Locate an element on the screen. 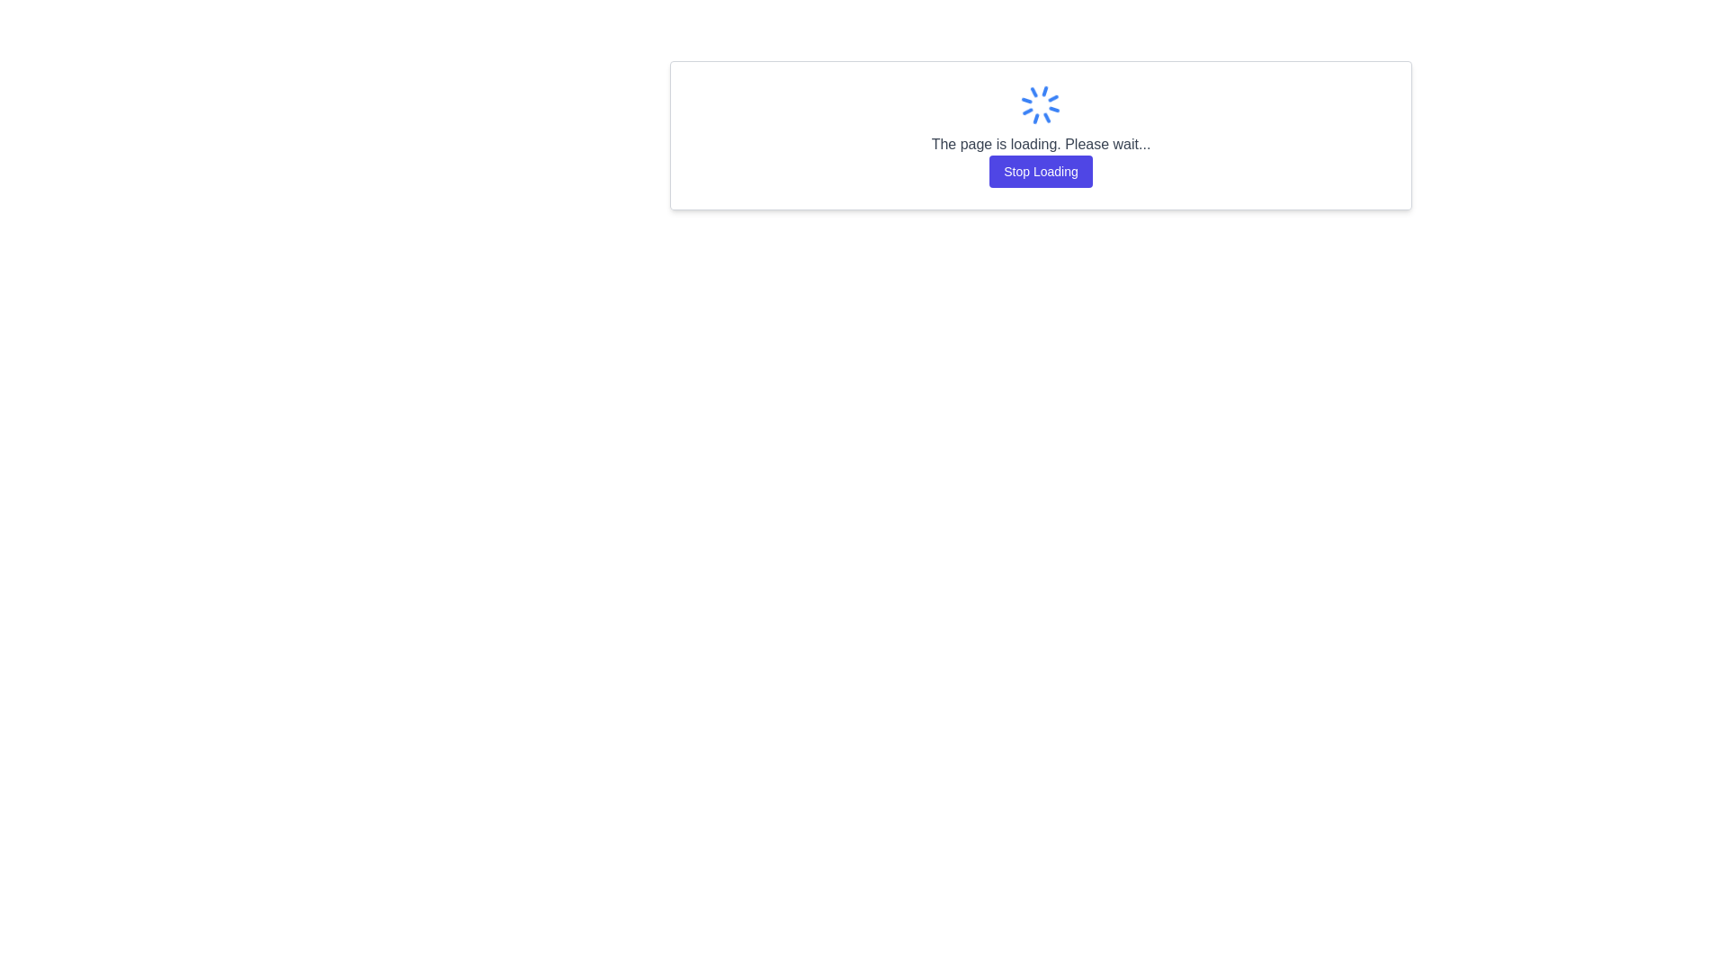 This screenshot has width=1727, height=971. the 'Stop Loading' button, which has white text on a blue background and is located beneath the loading spinner and the text 'The page is loading. Please wait...' is located at coordinates (1041, 172).